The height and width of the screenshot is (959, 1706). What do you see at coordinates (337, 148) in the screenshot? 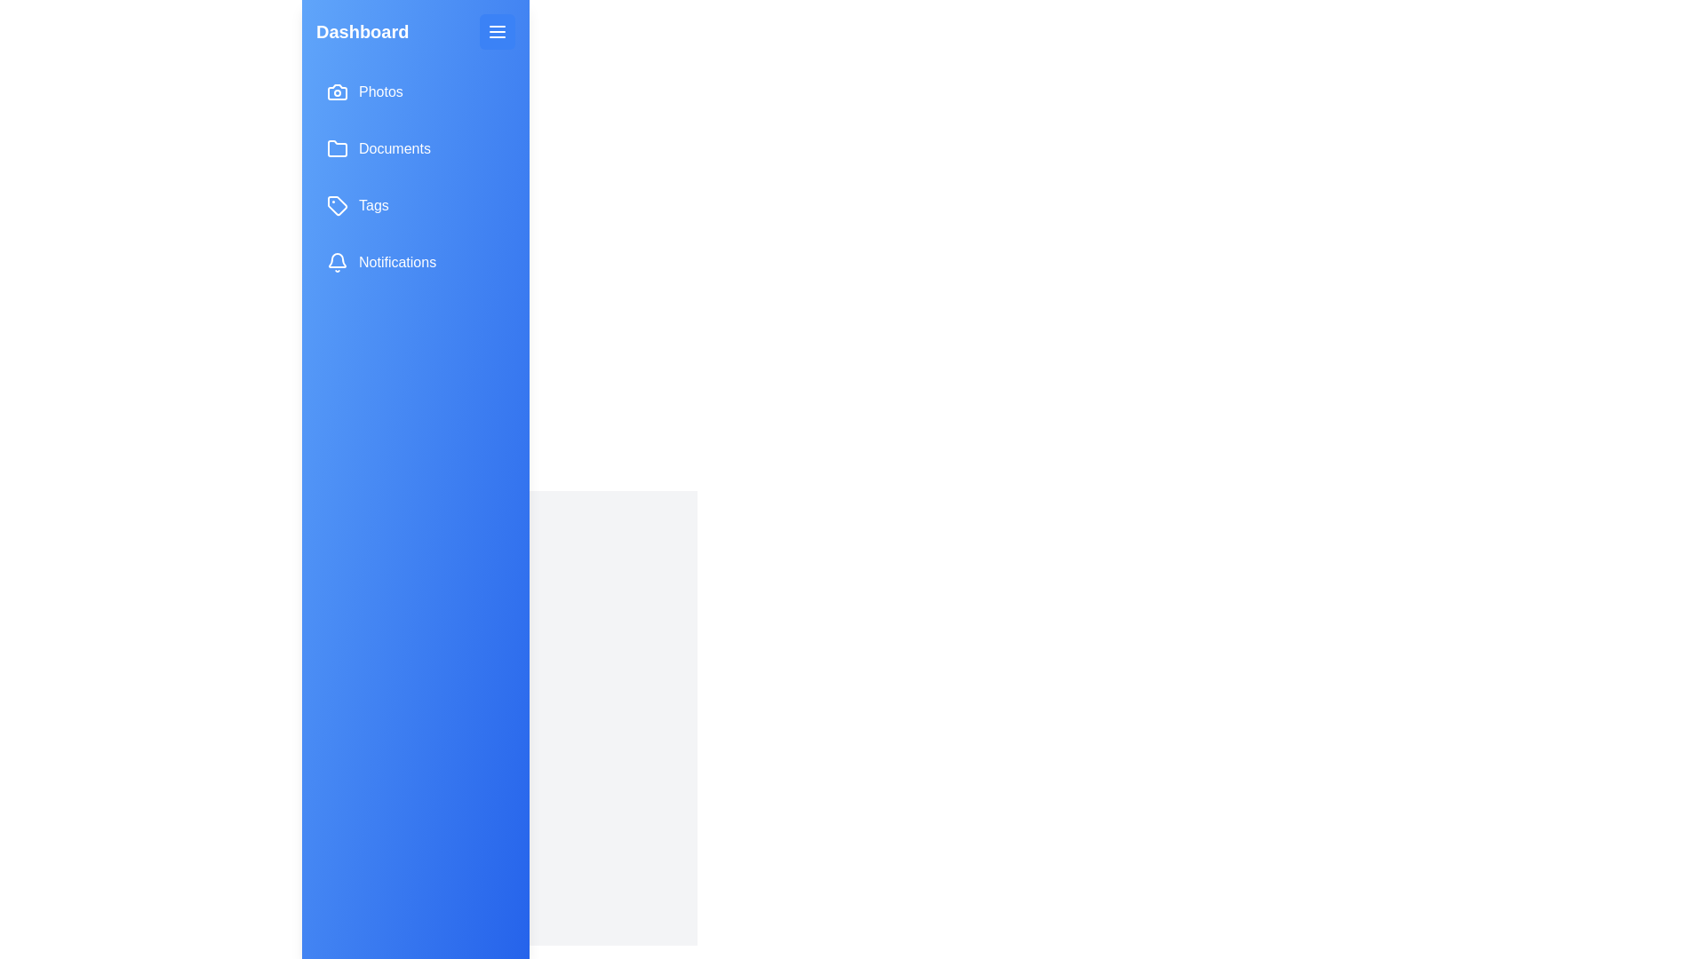
I see `the icon next to the menu item Documents` at bounding box center [337, 148].